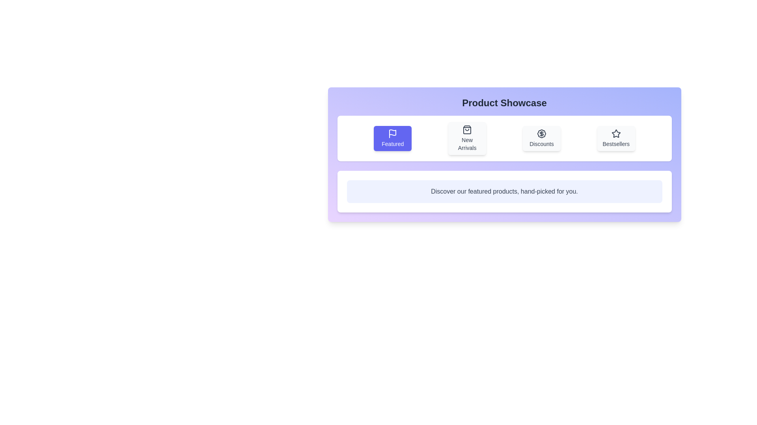 This screenshot has height=425, width=757. I want to click on the Navigation menu, so click(504, 138).